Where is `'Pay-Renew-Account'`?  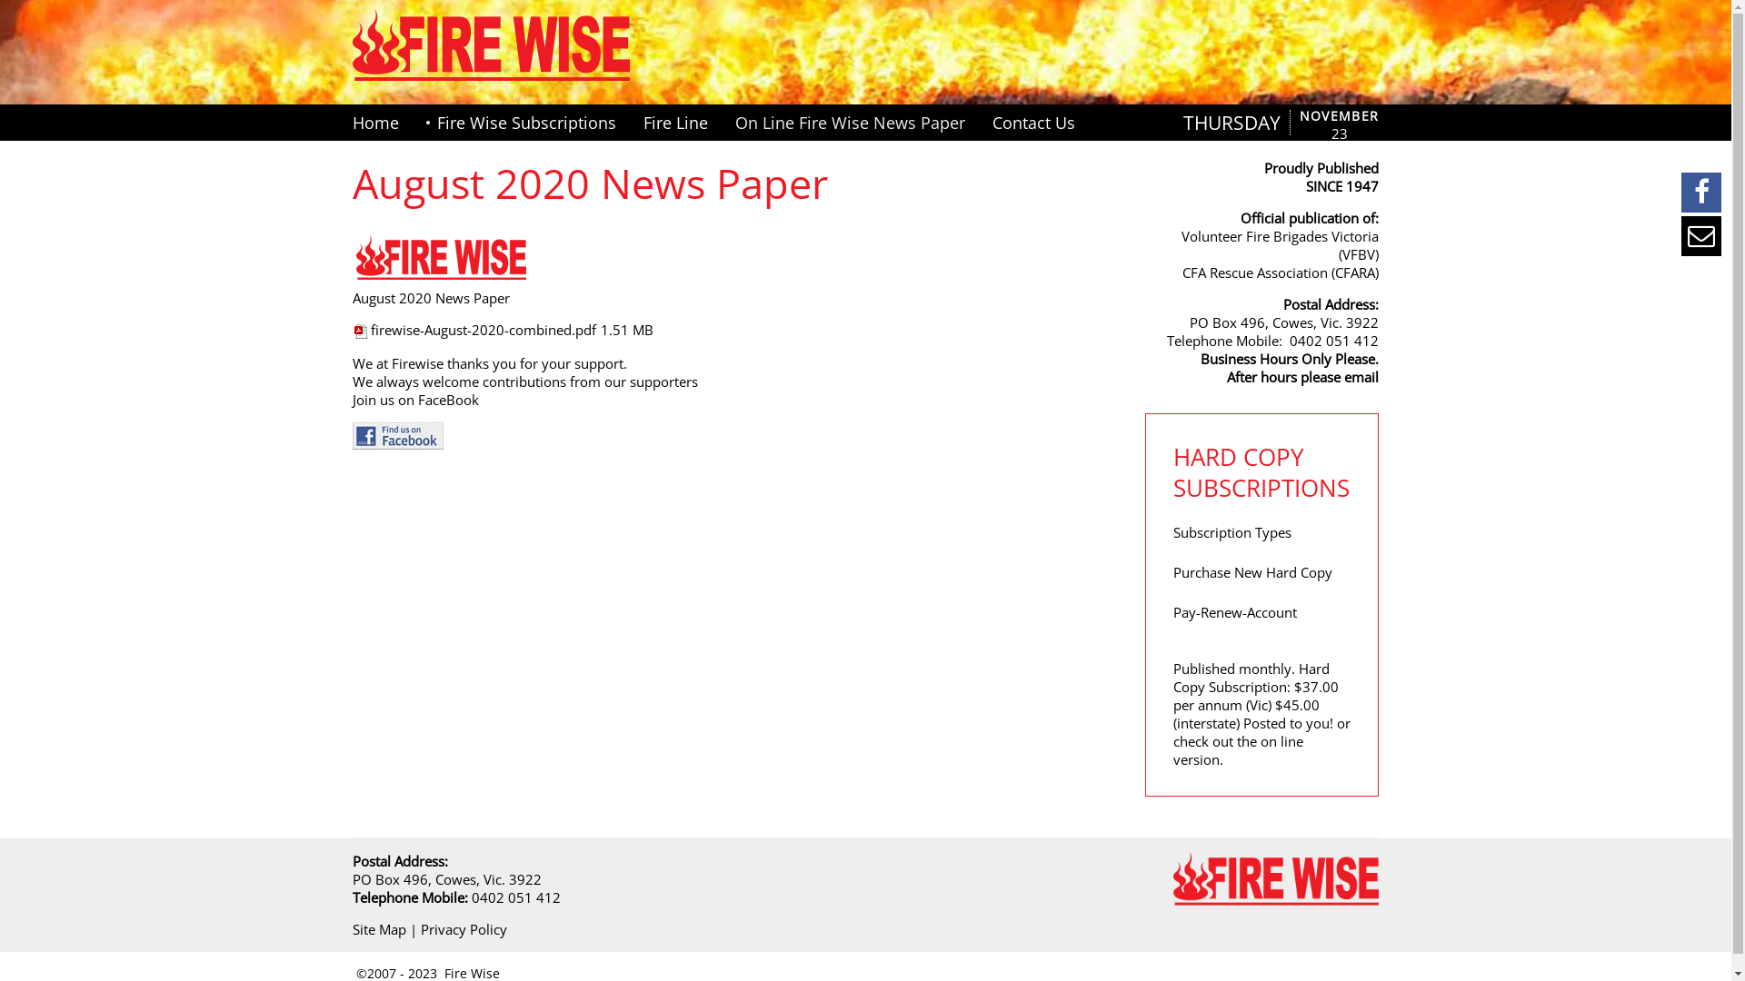
'Pay-Renew-Account' is located at coordinates (1234, 612).